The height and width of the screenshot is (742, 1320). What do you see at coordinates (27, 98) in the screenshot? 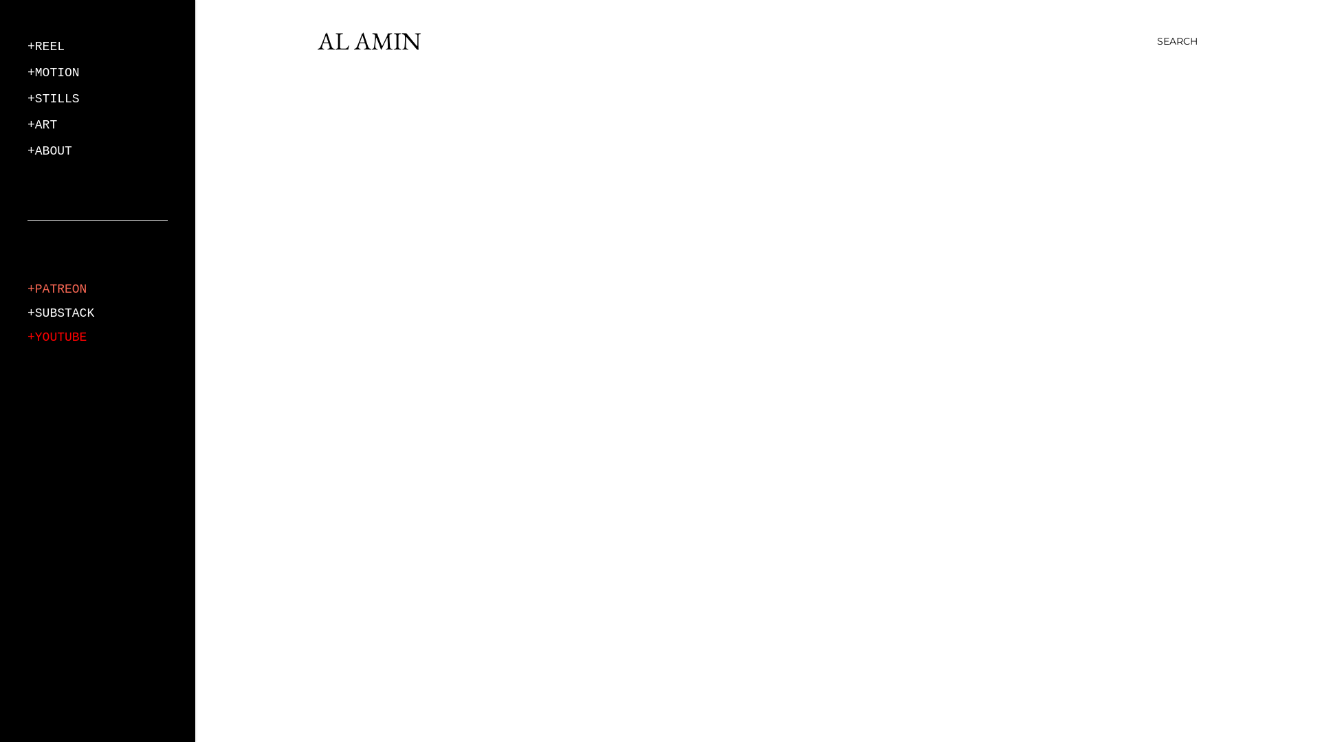
I see `'+STILLS'` at bounding box center [27, 98].